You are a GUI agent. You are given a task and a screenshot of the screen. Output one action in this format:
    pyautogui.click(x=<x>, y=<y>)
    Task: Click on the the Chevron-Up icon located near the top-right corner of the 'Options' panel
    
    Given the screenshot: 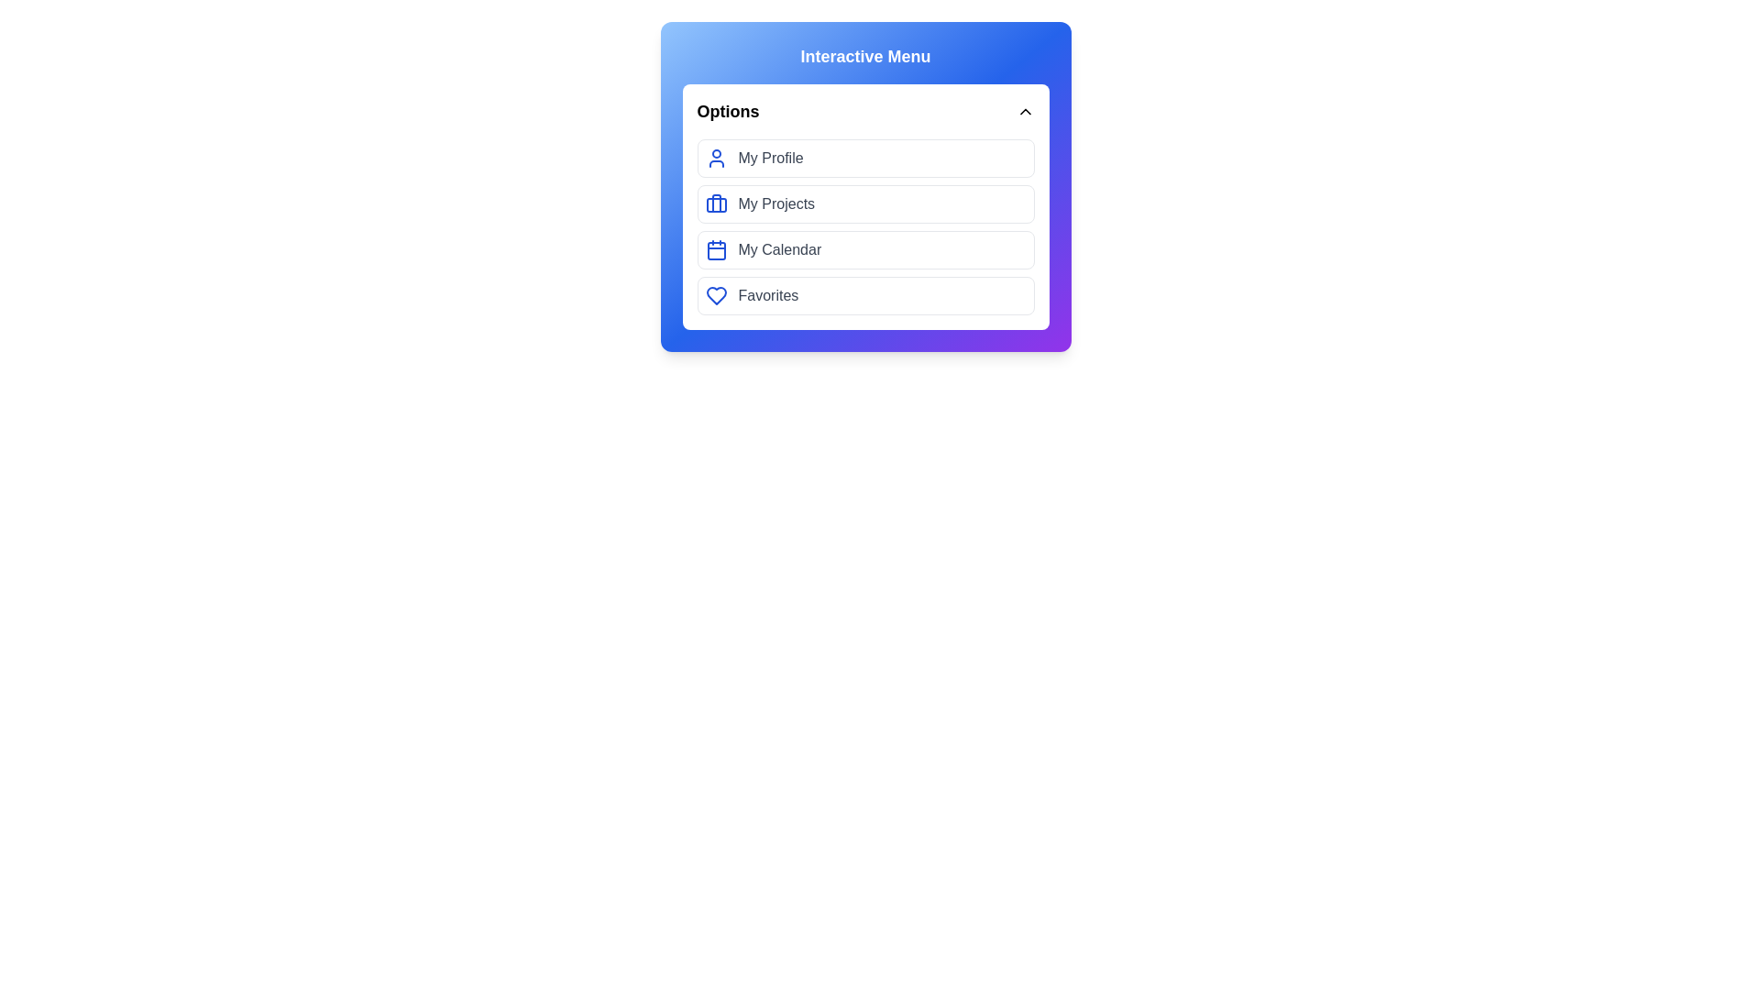 What is the action you would take?
    pyautogui.click(x=1024, y=112)
    